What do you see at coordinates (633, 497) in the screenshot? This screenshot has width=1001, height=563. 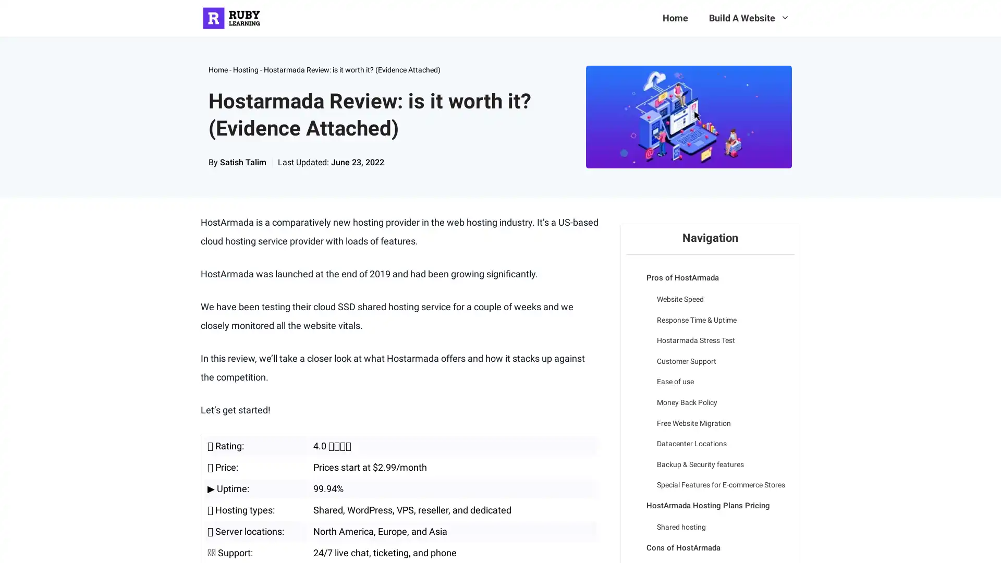 I see `Expand or collapse` at bounding box center [633, 497].